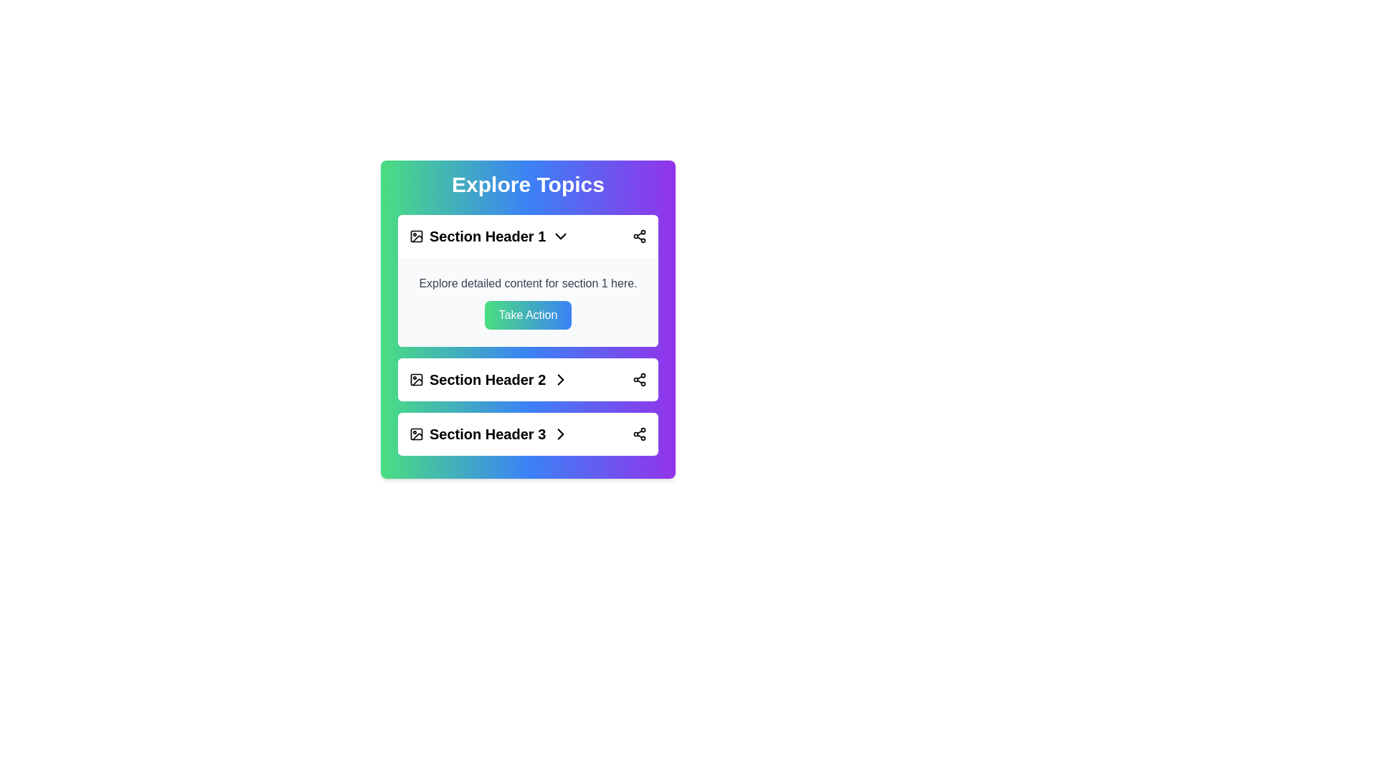 This screenshot has height=774, width=1377. Describe the element at coordinates (490, 378) in the screenshot. I see `the 'Section Header 2' text heading in the 'Explore Topics' section` at that location.